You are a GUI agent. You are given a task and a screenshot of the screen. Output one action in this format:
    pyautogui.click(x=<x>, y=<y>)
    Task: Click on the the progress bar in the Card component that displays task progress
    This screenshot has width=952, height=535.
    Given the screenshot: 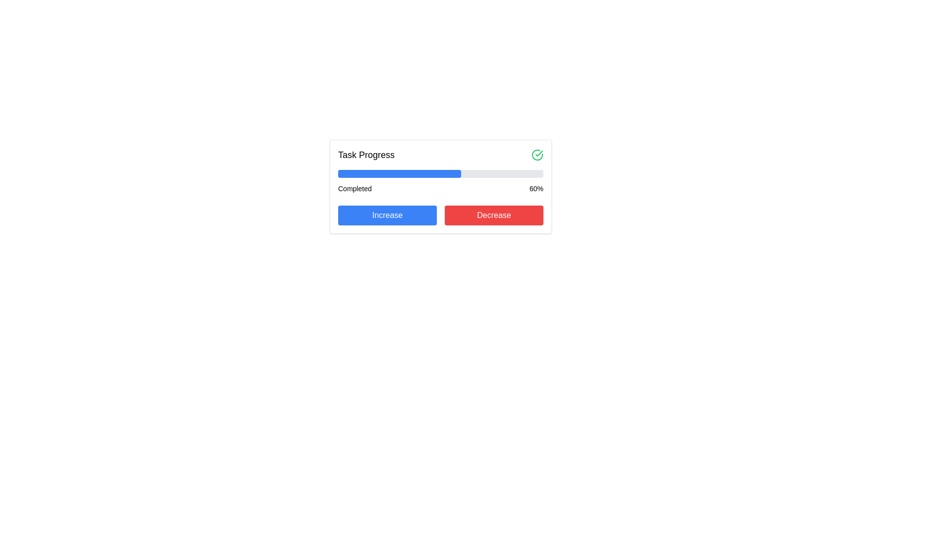 What is the action you would take?
    pyautogui.click(x=440, y=187)
    